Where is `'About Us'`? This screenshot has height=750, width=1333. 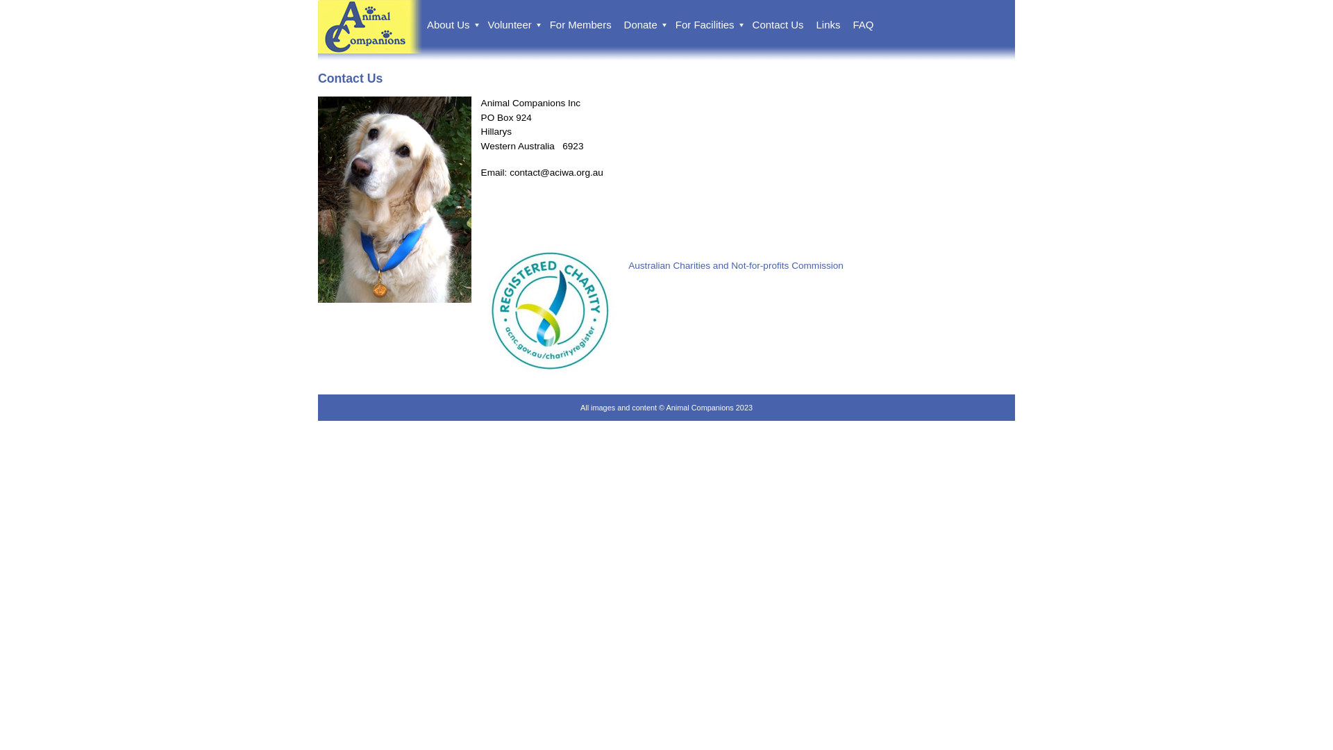 'About Us' is located at coordinates (453, 24).